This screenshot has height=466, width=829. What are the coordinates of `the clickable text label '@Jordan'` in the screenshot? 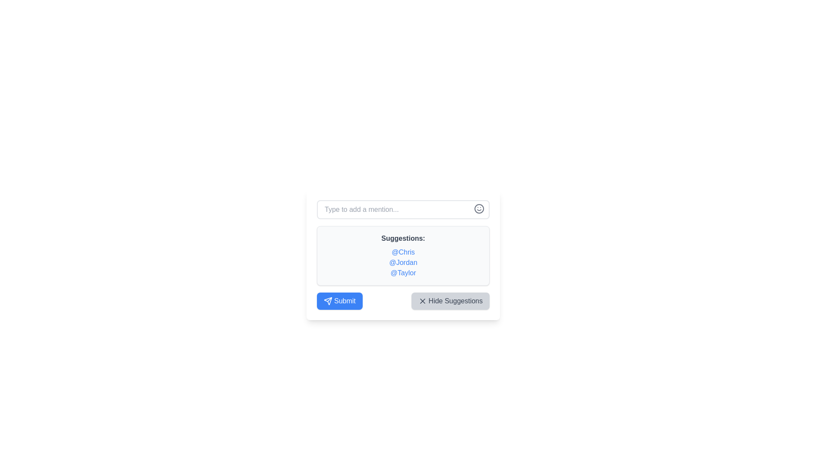 It's located at (403, 262).